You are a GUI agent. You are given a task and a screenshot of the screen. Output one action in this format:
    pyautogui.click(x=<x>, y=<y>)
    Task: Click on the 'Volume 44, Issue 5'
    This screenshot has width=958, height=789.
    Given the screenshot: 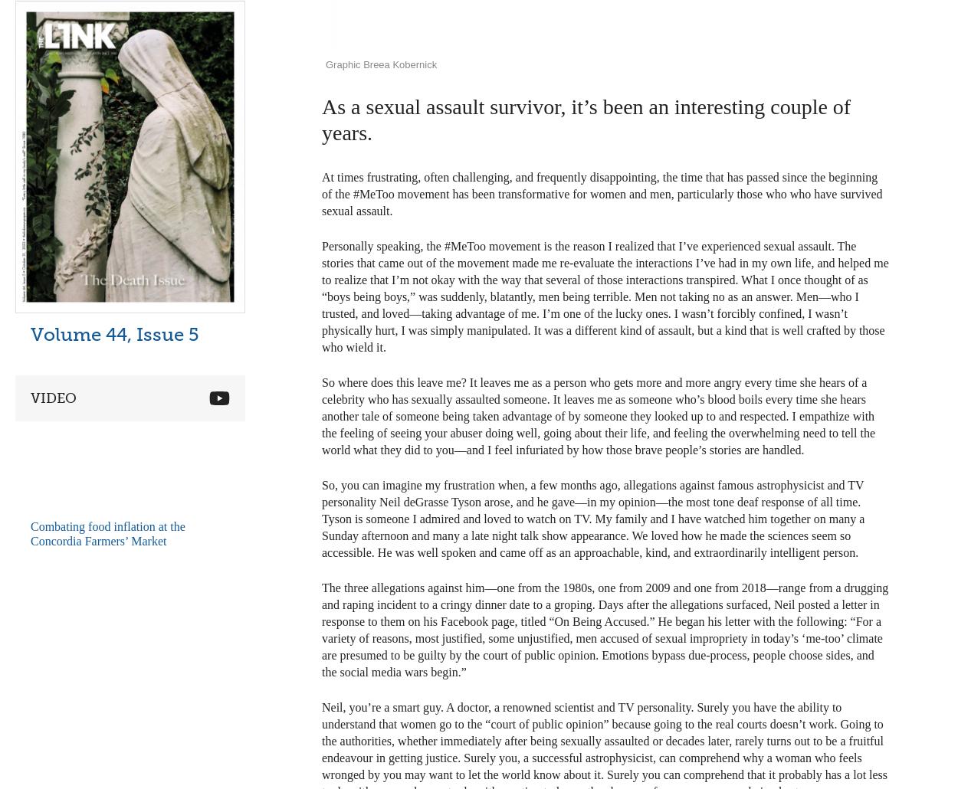 What is the action you would take?
    pyautogui.click(x=115, y=333)
    